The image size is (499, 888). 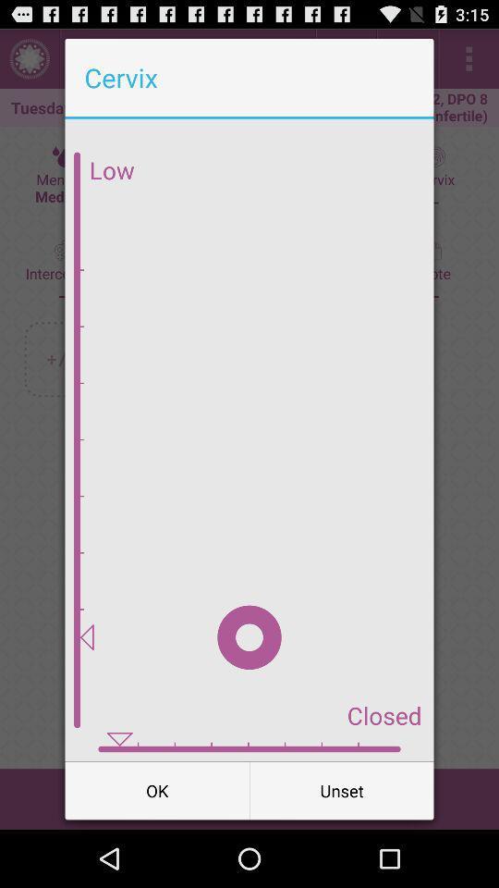 I want to click on the ok item, so click(x=157, y=789).